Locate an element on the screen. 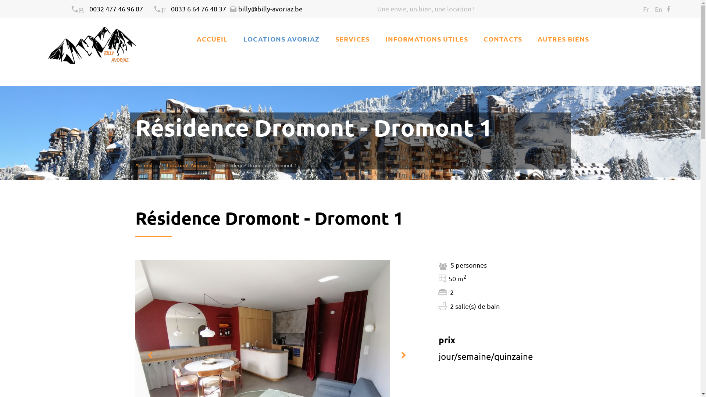  'LOCATIONS AVORIAZ' is located at coordinates (281, 39).